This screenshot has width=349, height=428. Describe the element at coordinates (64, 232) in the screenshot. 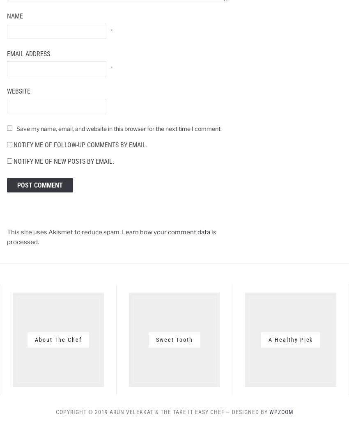

I see `'This site uses Akismet to reduce spam.'` at that location.